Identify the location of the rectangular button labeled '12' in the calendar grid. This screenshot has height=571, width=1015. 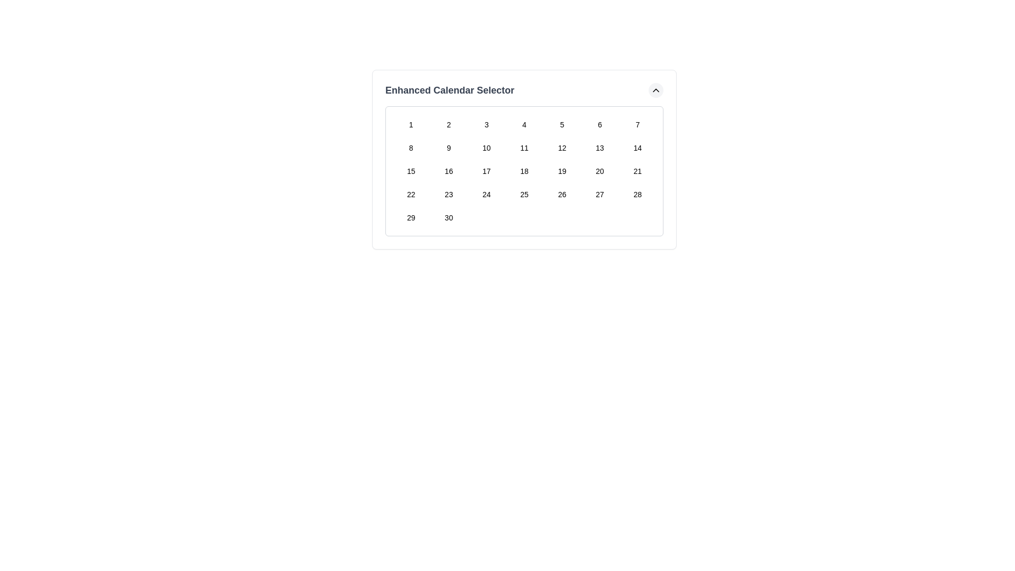
(561, 148).